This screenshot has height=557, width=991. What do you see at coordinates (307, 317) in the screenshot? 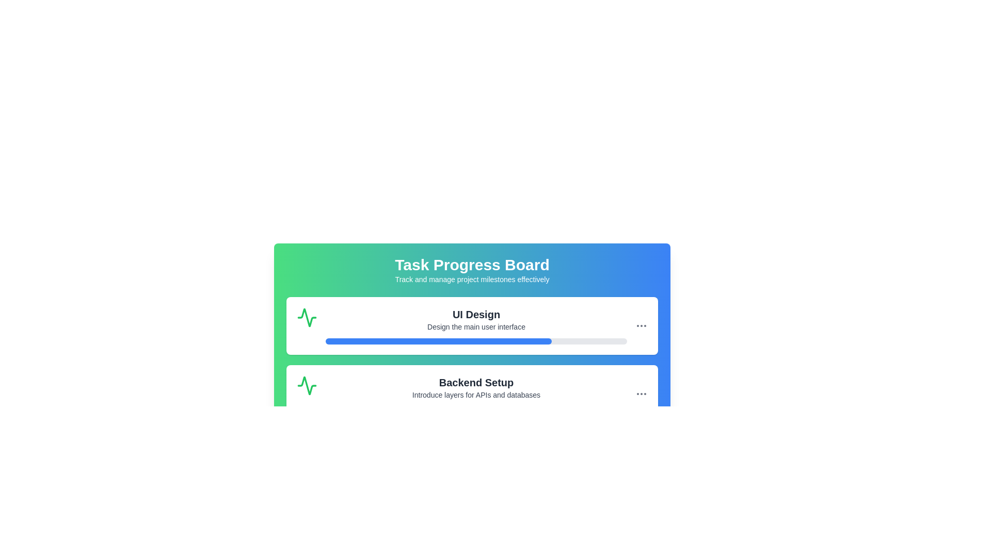
I see `the decorative icon representing activity or progress to the left of the text elements in the 'UI Design' section of the interface` at bounding box center [307, 317].